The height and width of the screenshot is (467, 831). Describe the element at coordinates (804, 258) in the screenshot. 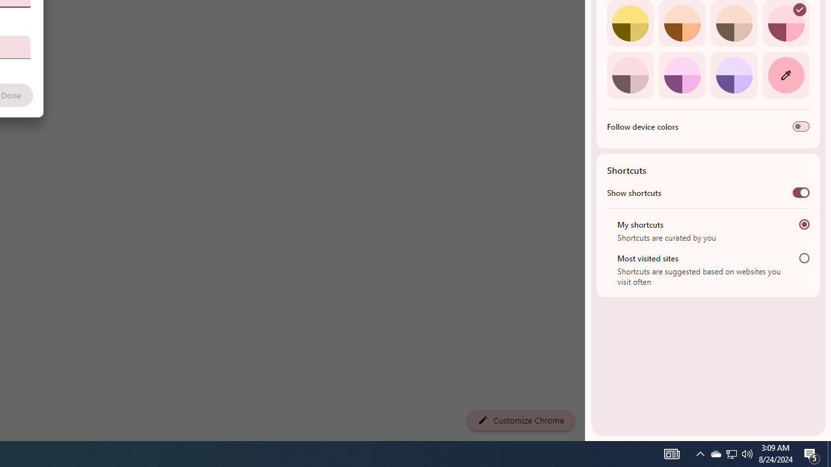

I see `'Most visited sites'` at that location.